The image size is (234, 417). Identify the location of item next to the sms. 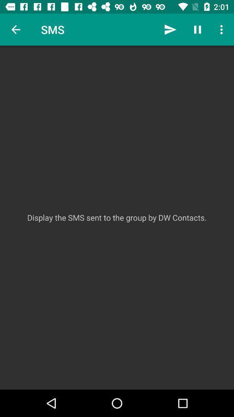
(16, 30).